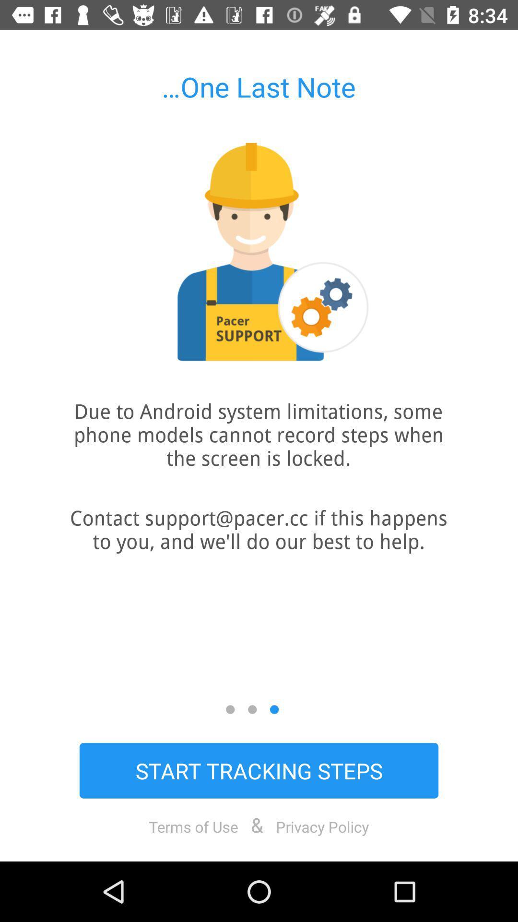 The width and height of the screenshot is (518, 922). What do you see at coordinates (322, 826) in the screenshot?
I see `icon below start tracking steps` at bounding box center [322, 826].